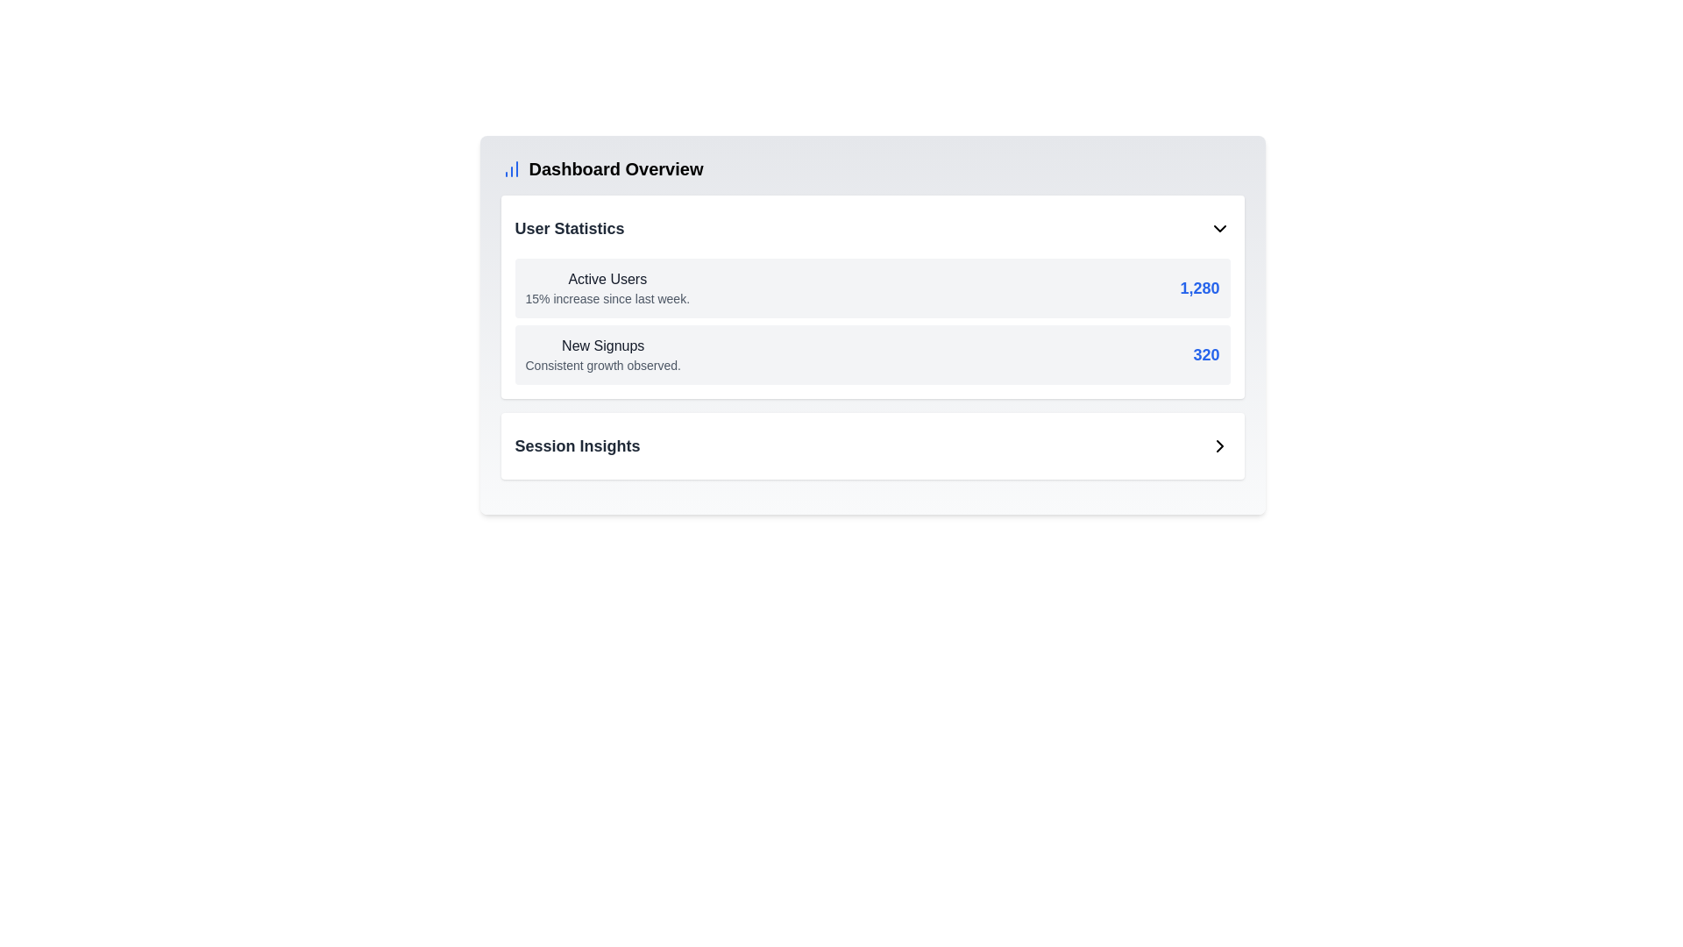 The image size is (1683, 947). I want to click on the decorative icon located to the left of the 'Dashboard Overview' title, which emphasizes analytics or data representation, so click(510, 168).